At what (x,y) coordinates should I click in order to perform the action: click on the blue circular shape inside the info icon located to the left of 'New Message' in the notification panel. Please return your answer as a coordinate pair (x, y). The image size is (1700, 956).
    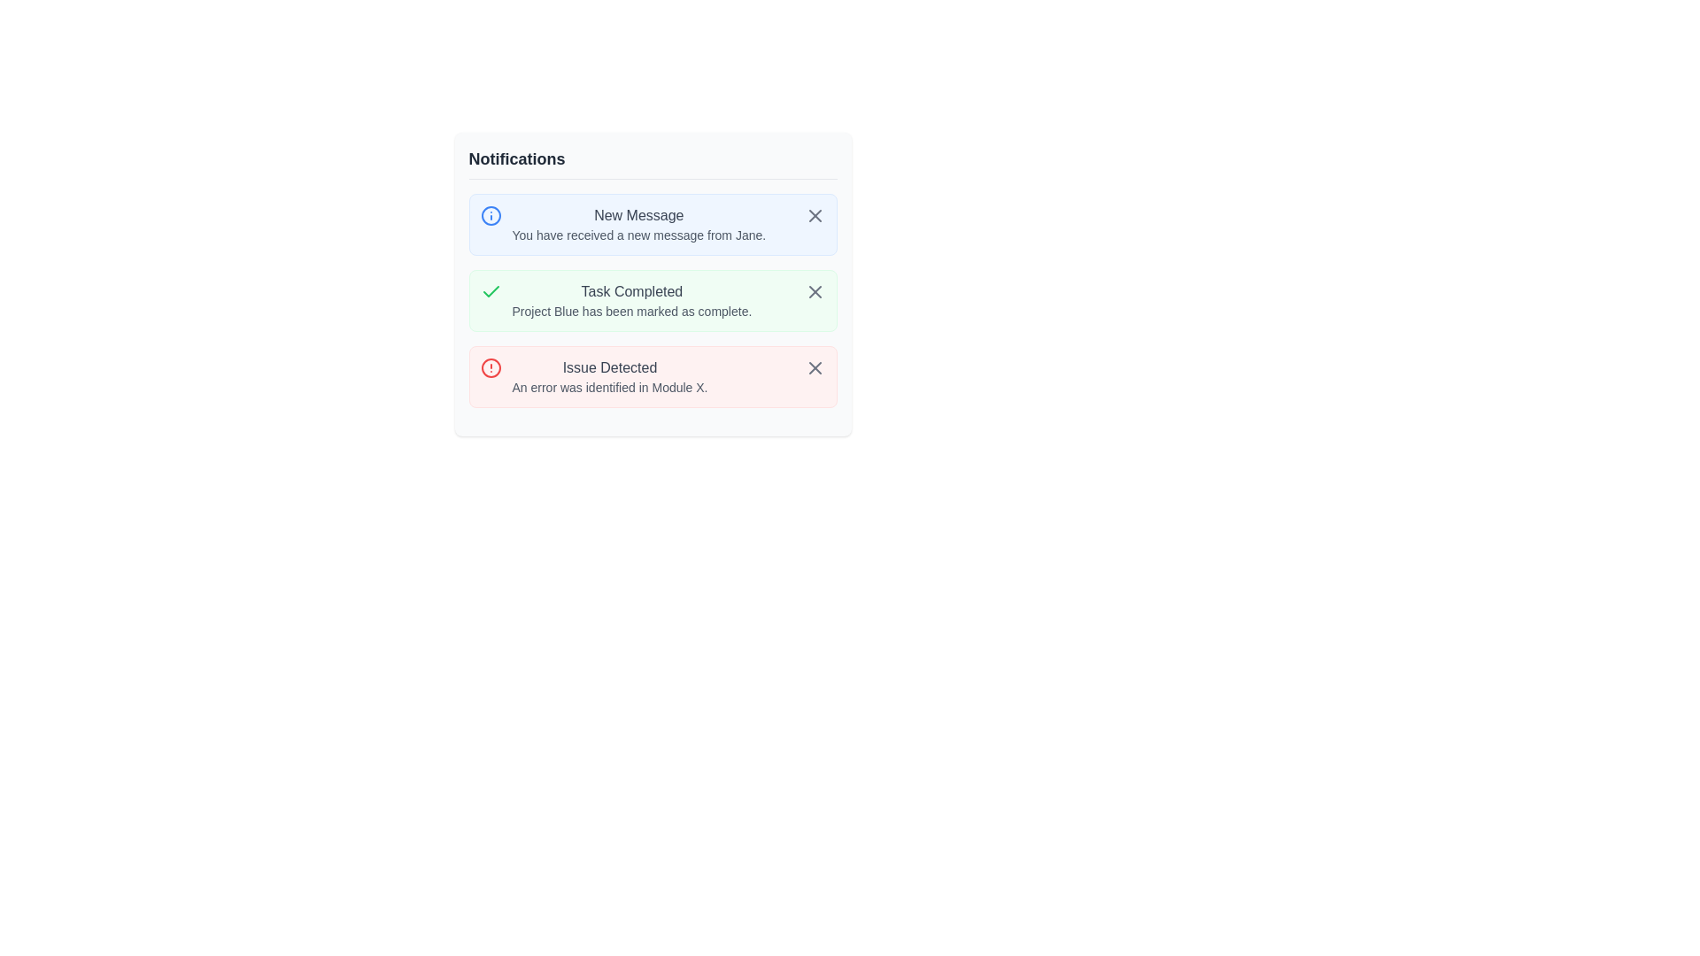
    Looking at the image, I should click on (491, 214).